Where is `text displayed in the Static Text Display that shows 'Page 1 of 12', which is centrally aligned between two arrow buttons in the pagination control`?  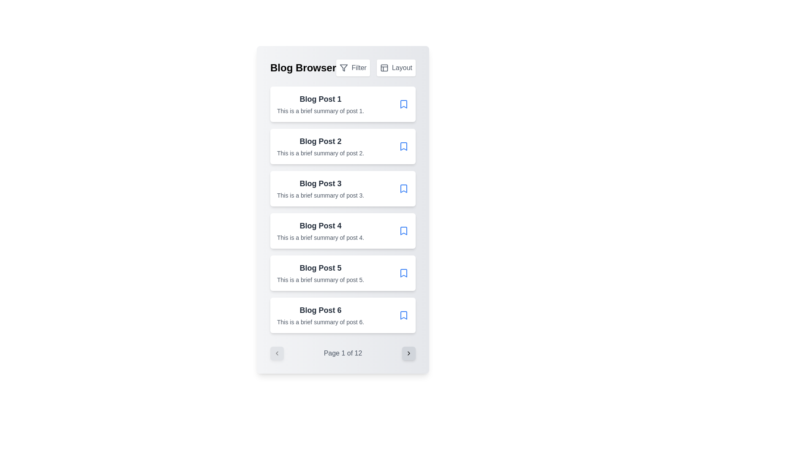
text displayed in the Static Text Display that shows 'Page 1 of 12', which is centrally aligned between two arrow buttons in the pagination control is located at coordinates (343, 353).